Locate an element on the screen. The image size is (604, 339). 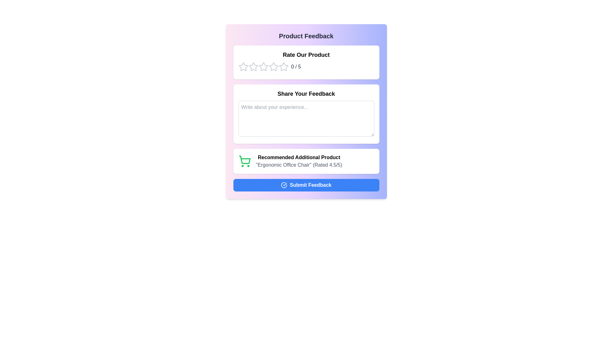
the center of the second rating star icon, which is visually styled with a white interior and a gray border is located at coordinates (283, 67).